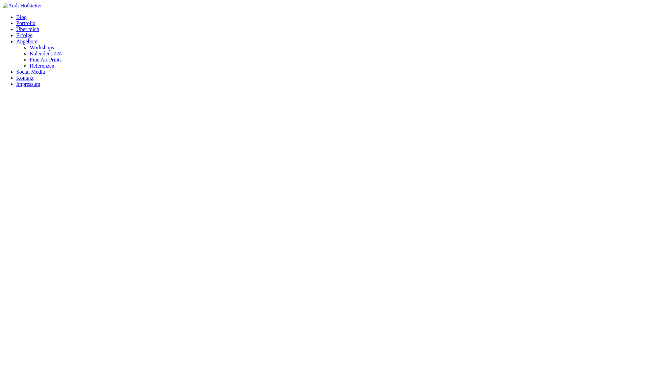 Image resolution: width=649 pixels, height=365 pixels. I want to click on 'Impressum', so click(28, 83).